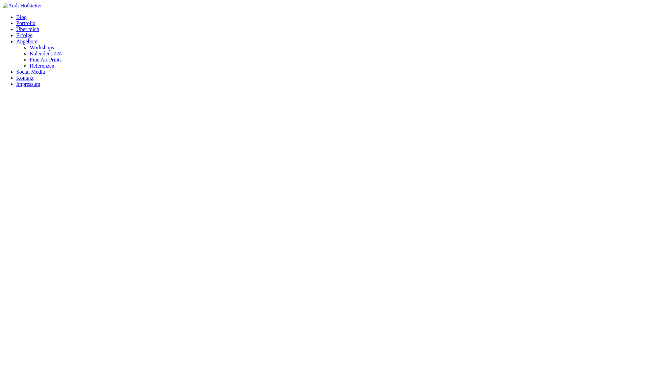 Image resolution: width=649 pixels, height=365 pixels. I want to click on 'Impressum', so click(28, 83).